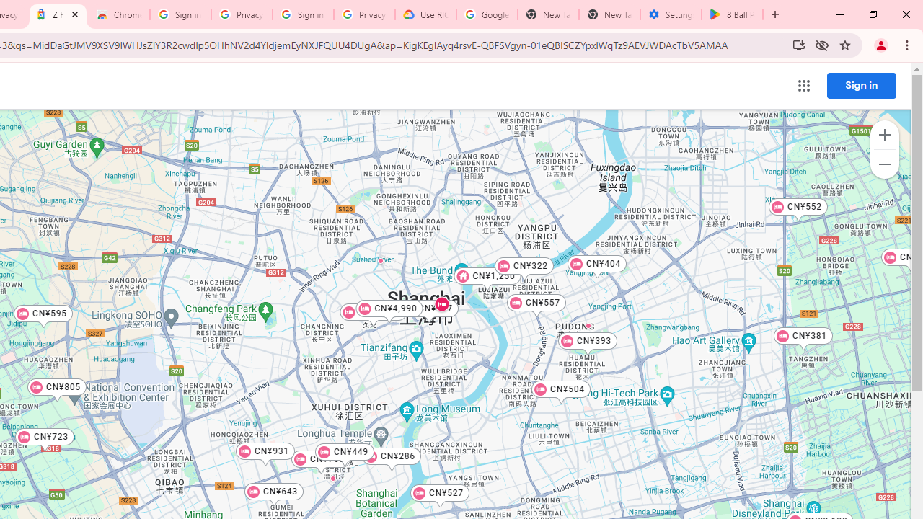 The height and width of the screenshot is (519, 923). Describe the element at coordinates (883, 135) in the screenshot. I see `'Zoom in map'` at that location.